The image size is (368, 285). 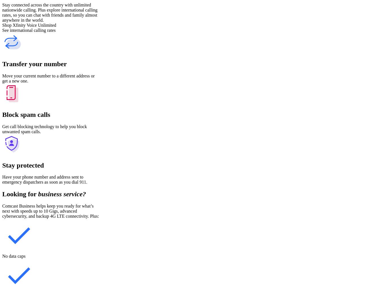 I want to click on 'See international calling rates', so click(x=28, y=30).